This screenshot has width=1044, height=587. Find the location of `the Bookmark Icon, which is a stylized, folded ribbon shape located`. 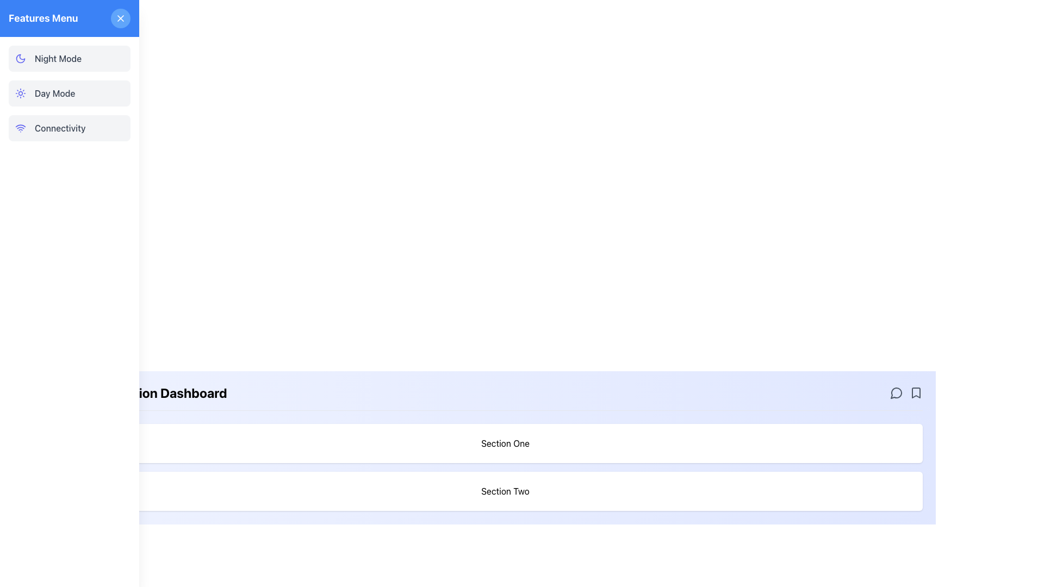

the Bookmark Icon, which is a stylized, folded ribbon shape located is located at coordinates (915, 392).